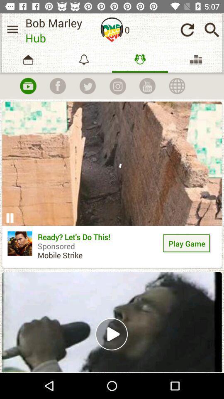 The height and width of the screenshot is (399, 224). I want to click on play, so click(28, 86).